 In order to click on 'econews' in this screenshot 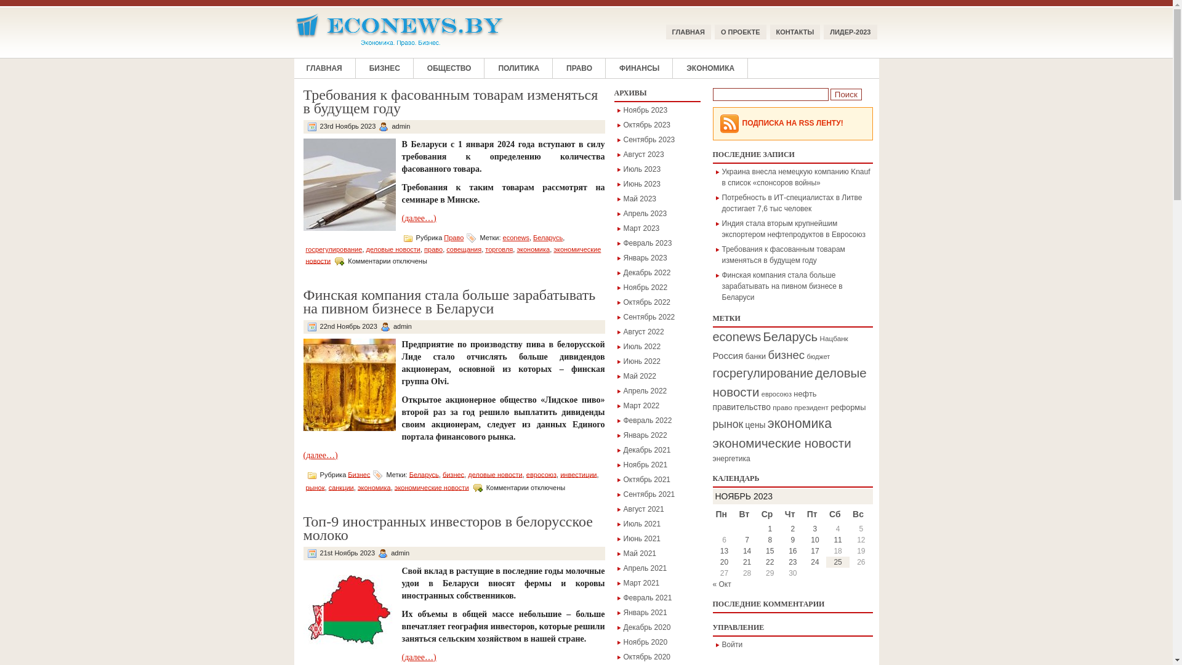, I will do `click(737, 337)`.